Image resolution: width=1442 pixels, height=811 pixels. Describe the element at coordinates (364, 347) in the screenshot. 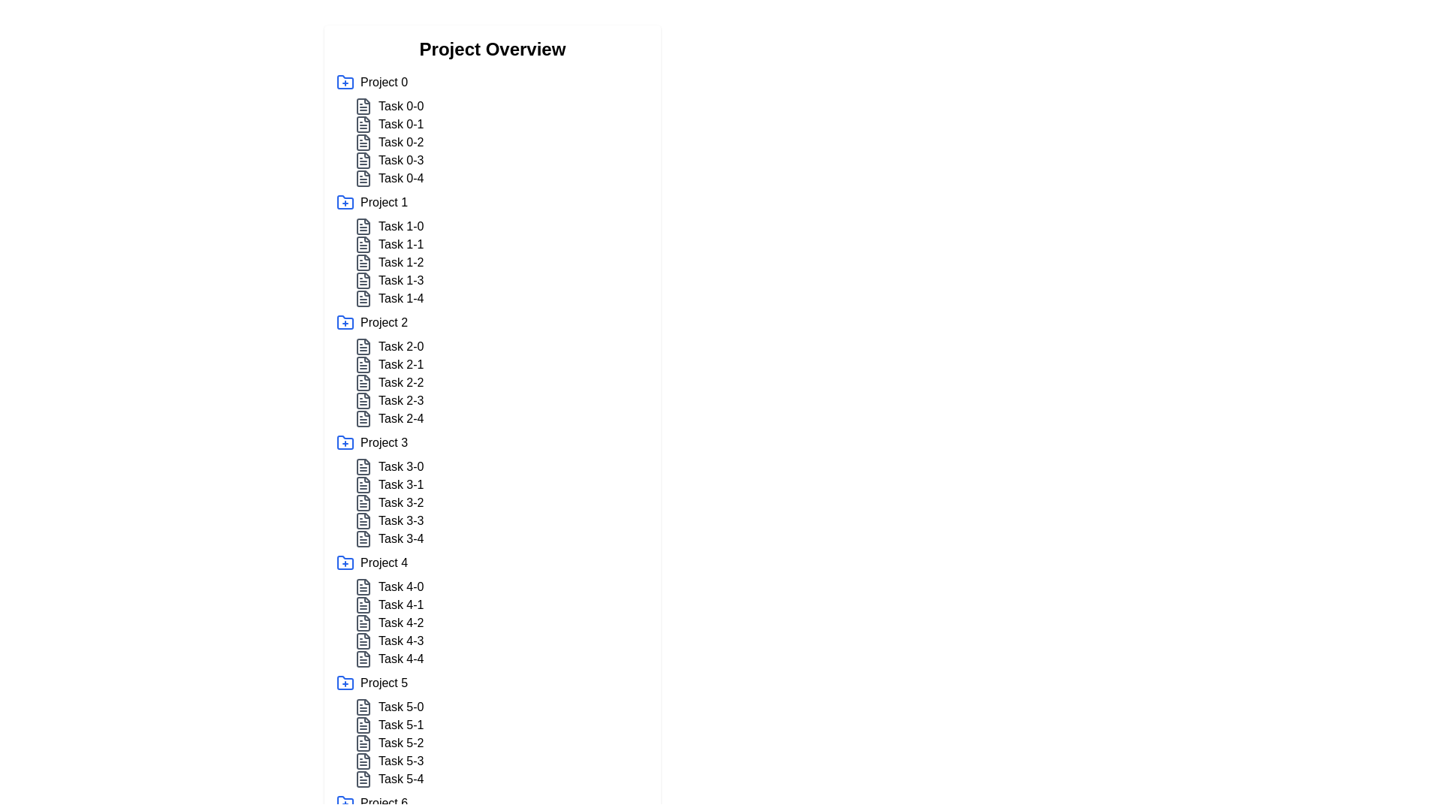

I see `the file or document icon with a gray outline located next to the text 'Task 2-0' in the 'Project 2' section` at that location.